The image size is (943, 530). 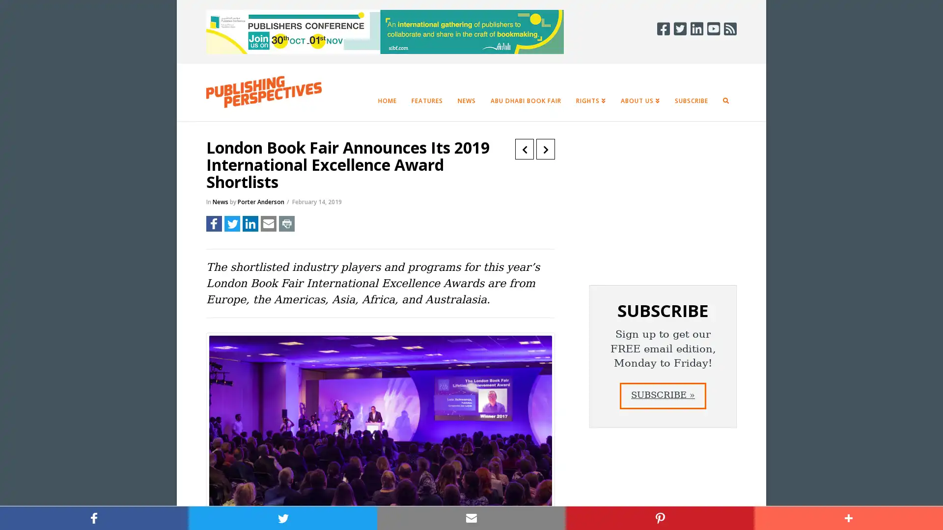 I want to click on Share to Email, so click(x=269, y=223).